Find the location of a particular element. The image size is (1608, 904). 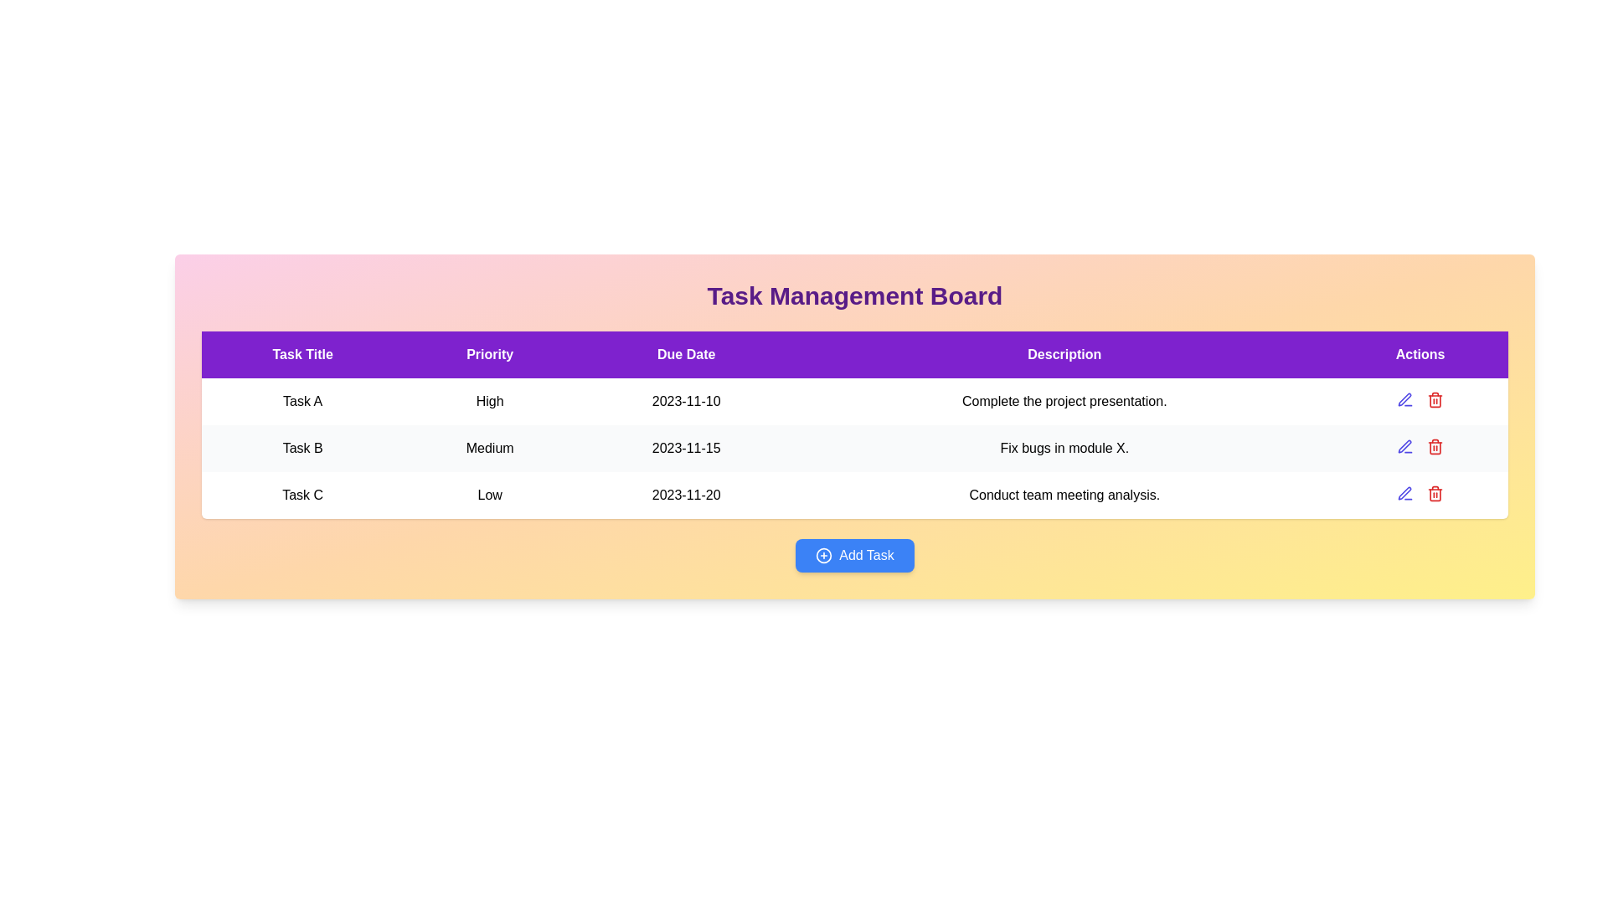

the 'Actions' text label in the grid header, which is a purple rectangular segment located at the top of the 'Actions' column in a task management table is located at coordinates (1420, 354).